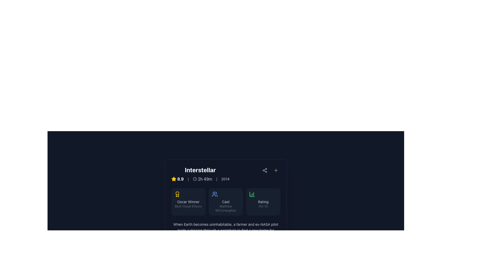 The height and width of the screenshot is (274, 488). Describe the element at coordinates (194, 179) in the screenshot. I see `the time indicator icon located to the left of the text '2h 49m', which follows the rating '8.9' with a star icon` at that location.